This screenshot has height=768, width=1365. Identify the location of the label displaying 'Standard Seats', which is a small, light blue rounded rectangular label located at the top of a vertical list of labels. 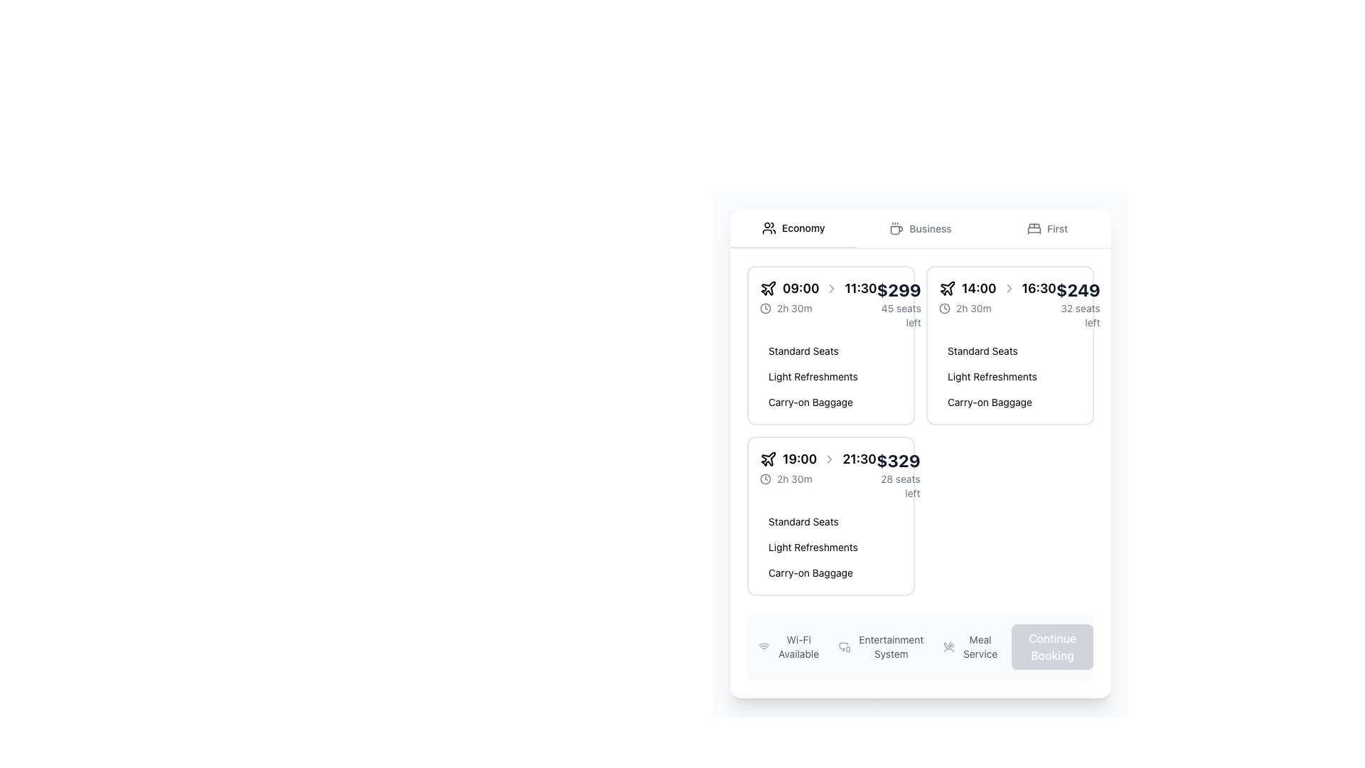
(803, 521).